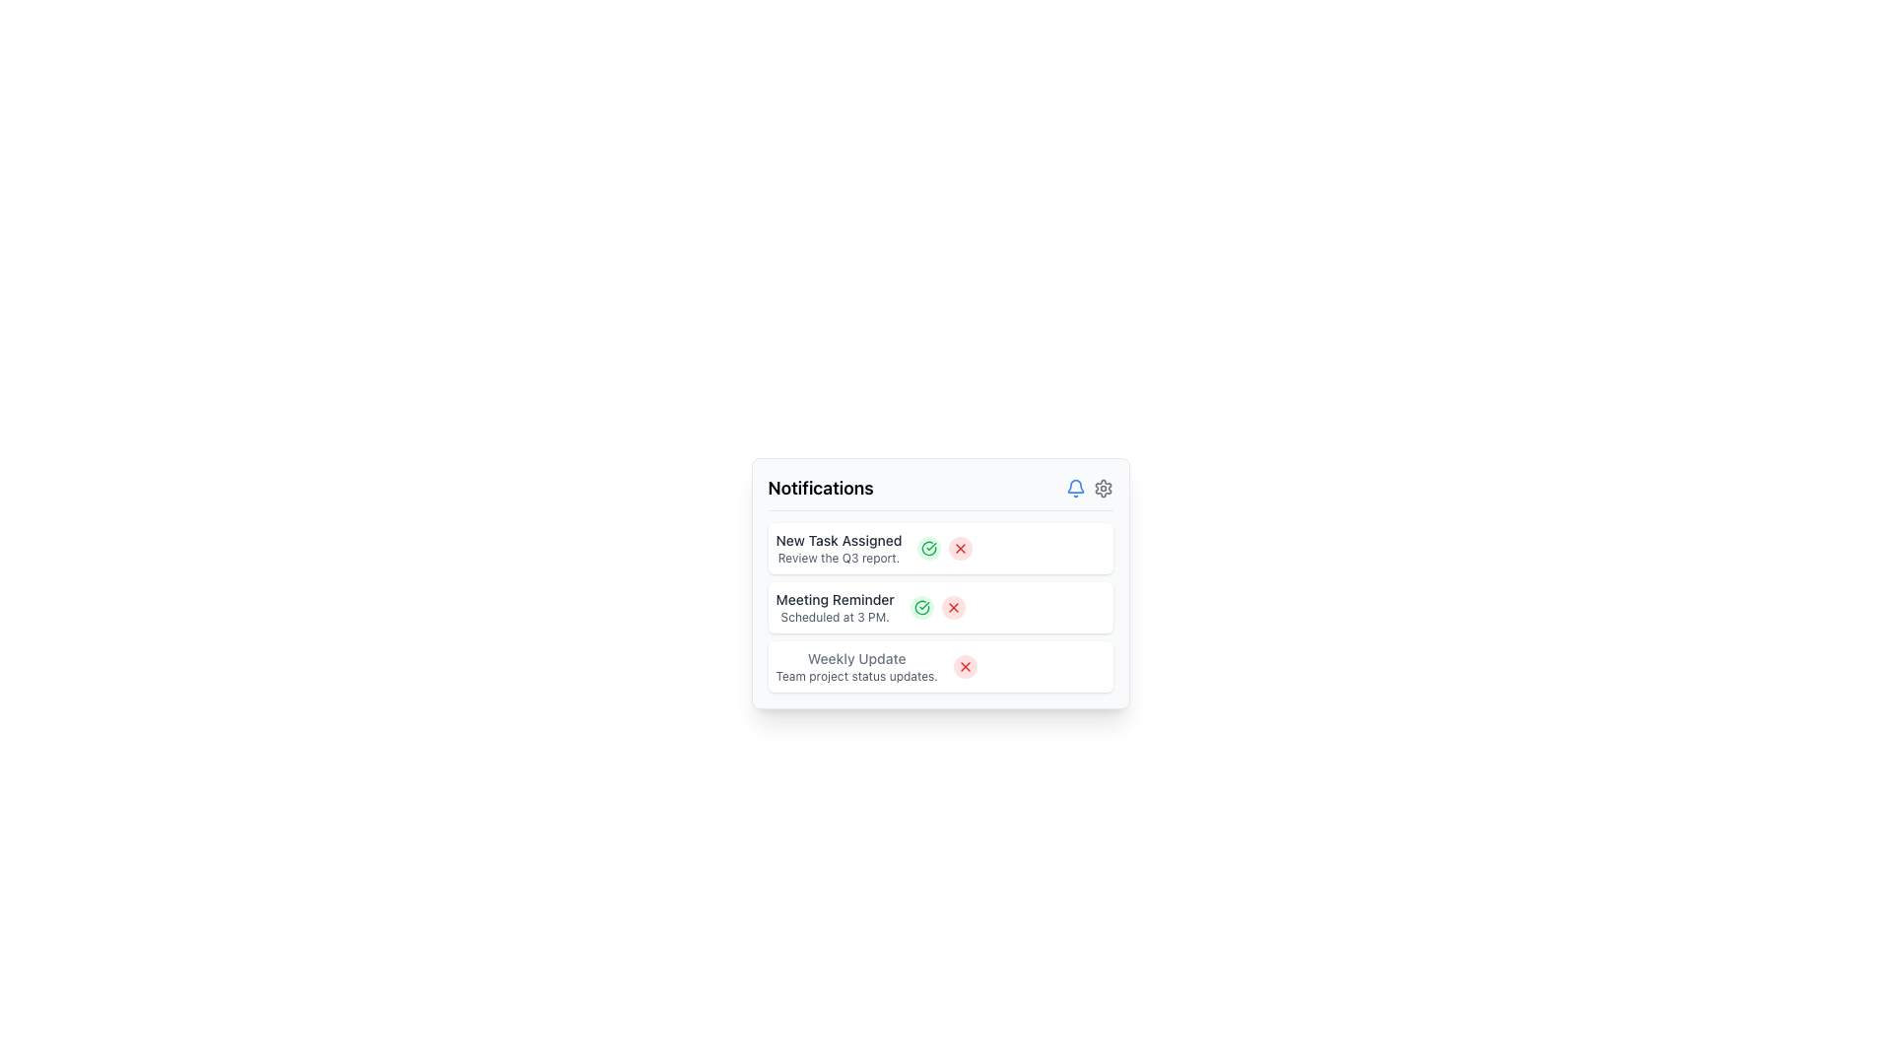  I want to click on the green circular button with a checkmark icon in the notification section to mark the notification as read, so click(928, 548).